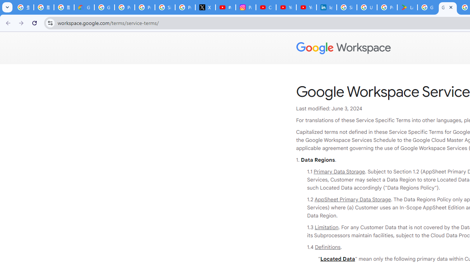  I want to click on 'X', so click(206, 7).